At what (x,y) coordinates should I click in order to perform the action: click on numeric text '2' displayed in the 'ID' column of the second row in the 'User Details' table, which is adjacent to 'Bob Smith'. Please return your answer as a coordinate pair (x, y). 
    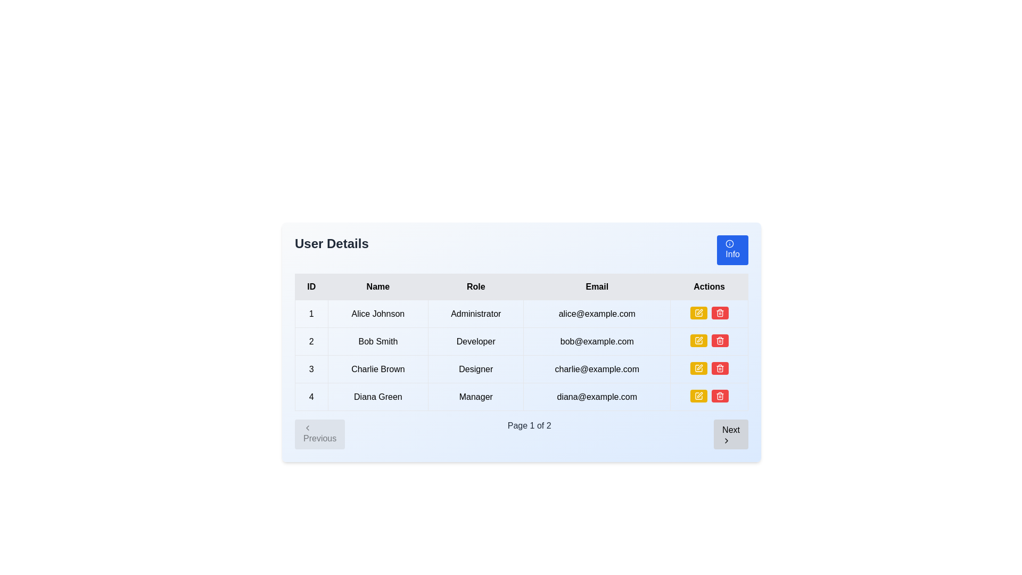
    Looking at the image, I should click on (311, 341).